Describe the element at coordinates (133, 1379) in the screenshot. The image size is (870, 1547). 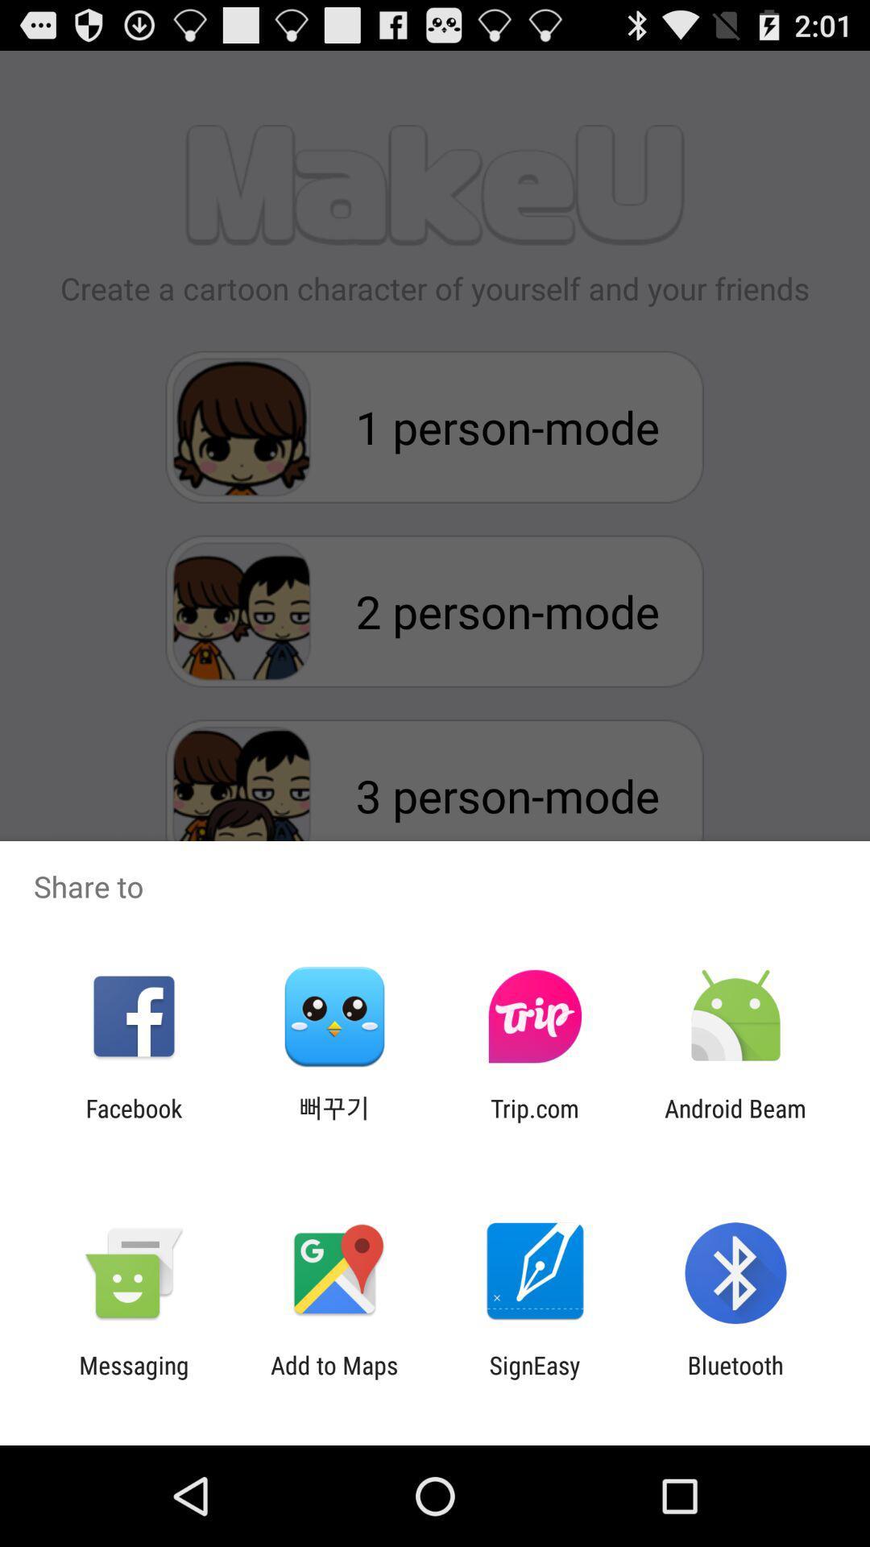
I see `messaging app` at that location.